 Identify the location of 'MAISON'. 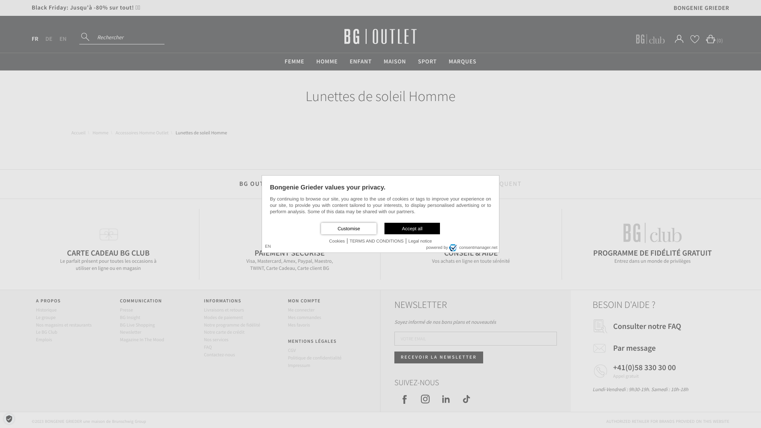
(395, 61).